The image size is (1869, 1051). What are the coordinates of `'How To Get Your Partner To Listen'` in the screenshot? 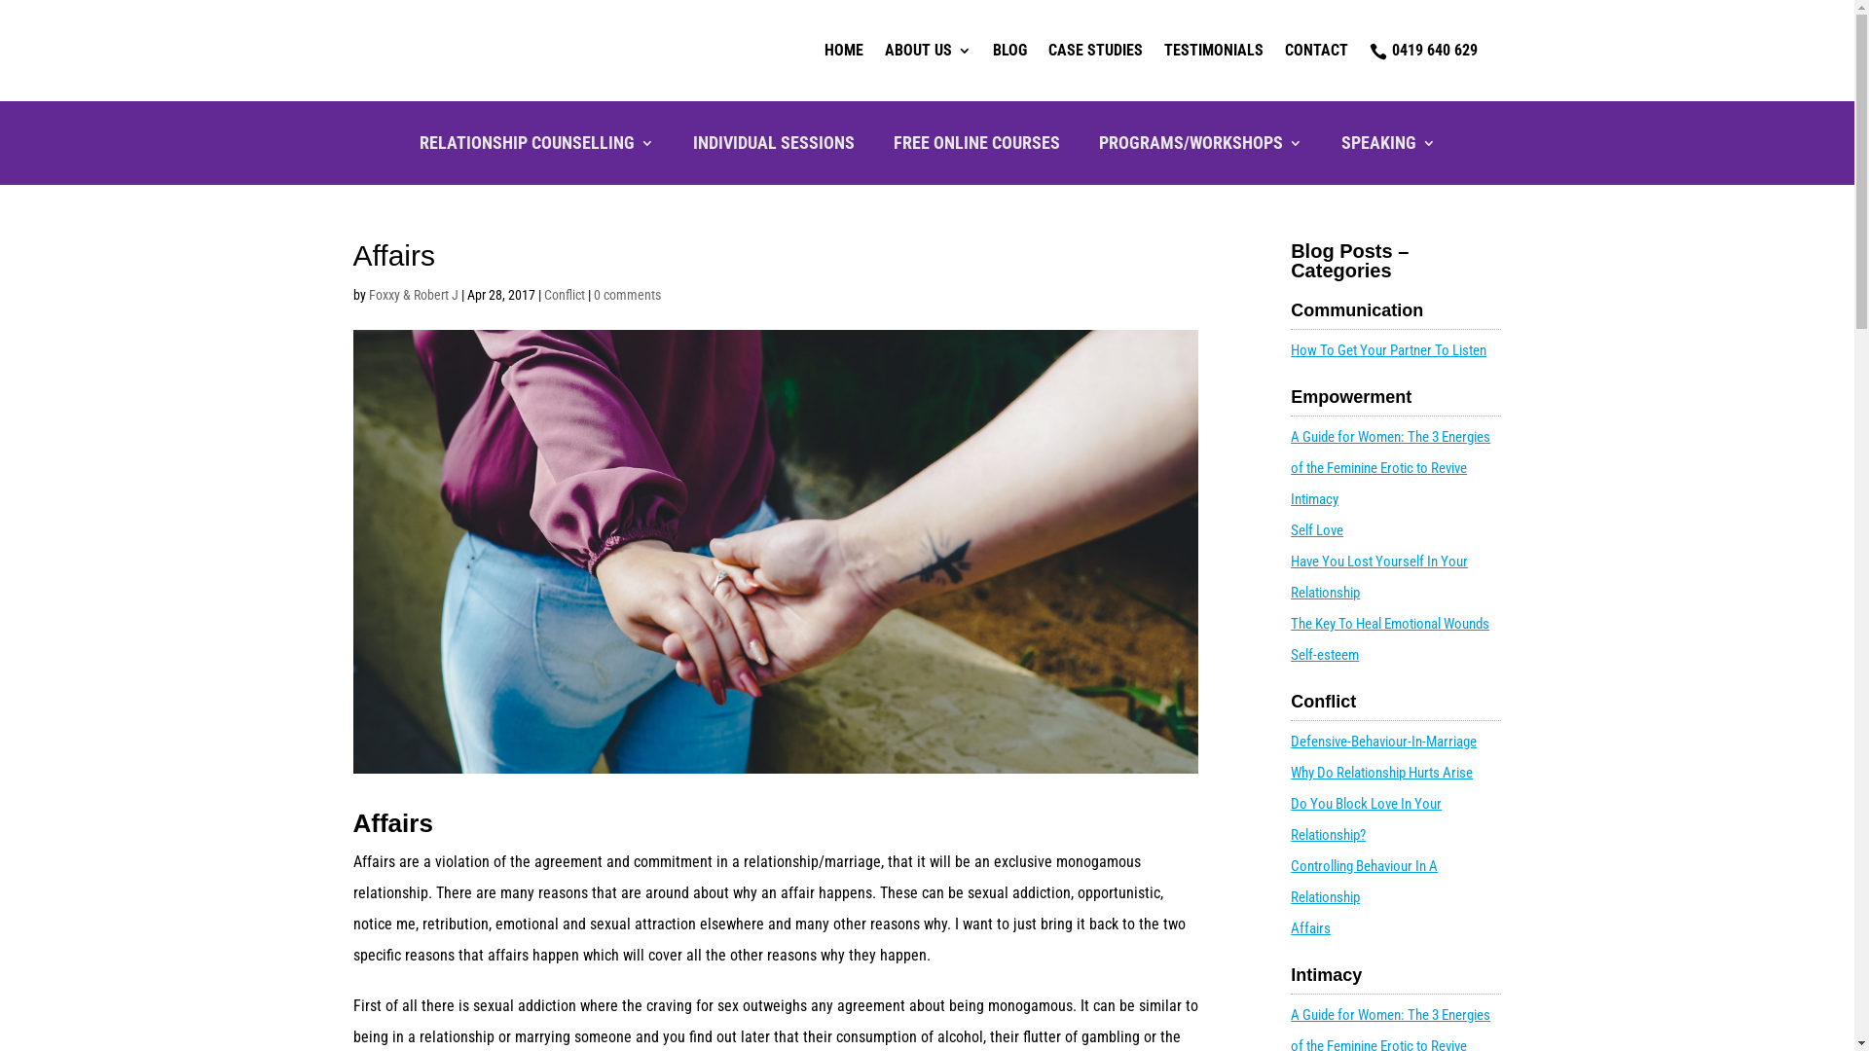 It's located at (1387, 348).